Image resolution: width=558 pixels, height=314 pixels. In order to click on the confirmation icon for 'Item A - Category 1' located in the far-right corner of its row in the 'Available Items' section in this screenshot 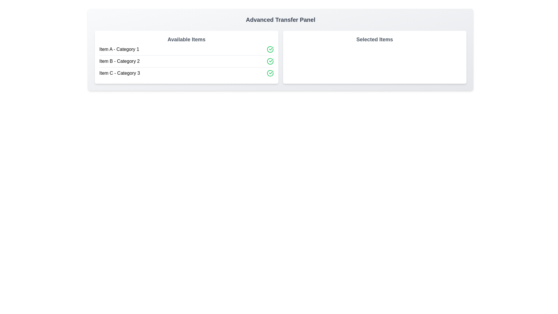, I will do `click(270, 49)`.